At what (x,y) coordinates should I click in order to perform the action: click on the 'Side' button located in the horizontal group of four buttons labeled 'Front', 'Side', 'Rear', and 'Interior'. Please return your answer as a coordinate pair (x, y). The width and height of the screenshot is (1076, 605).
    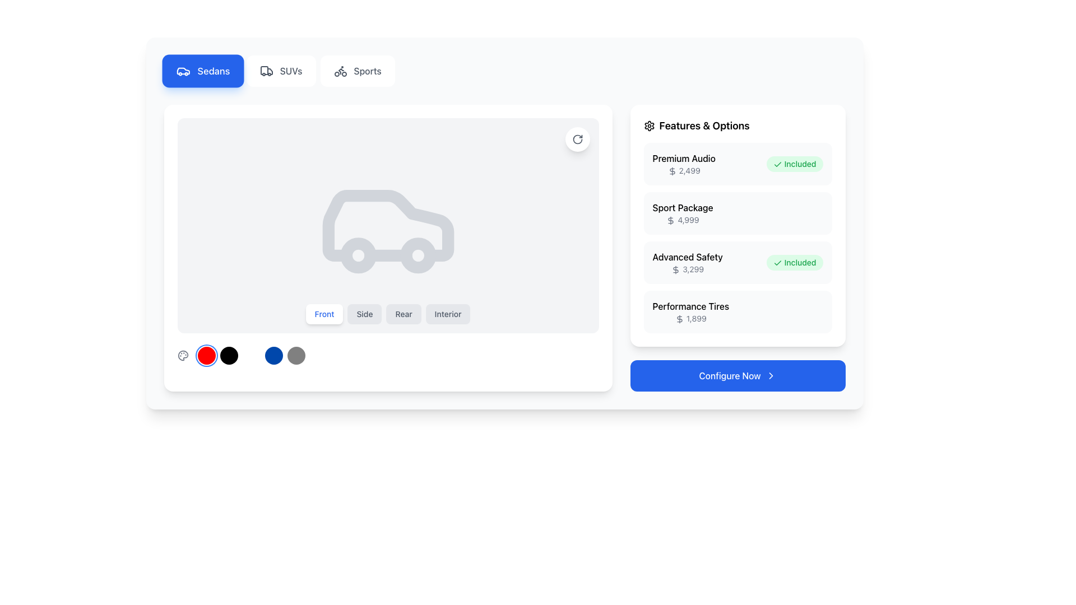
    Looking at the image, I should click on (365, 314).